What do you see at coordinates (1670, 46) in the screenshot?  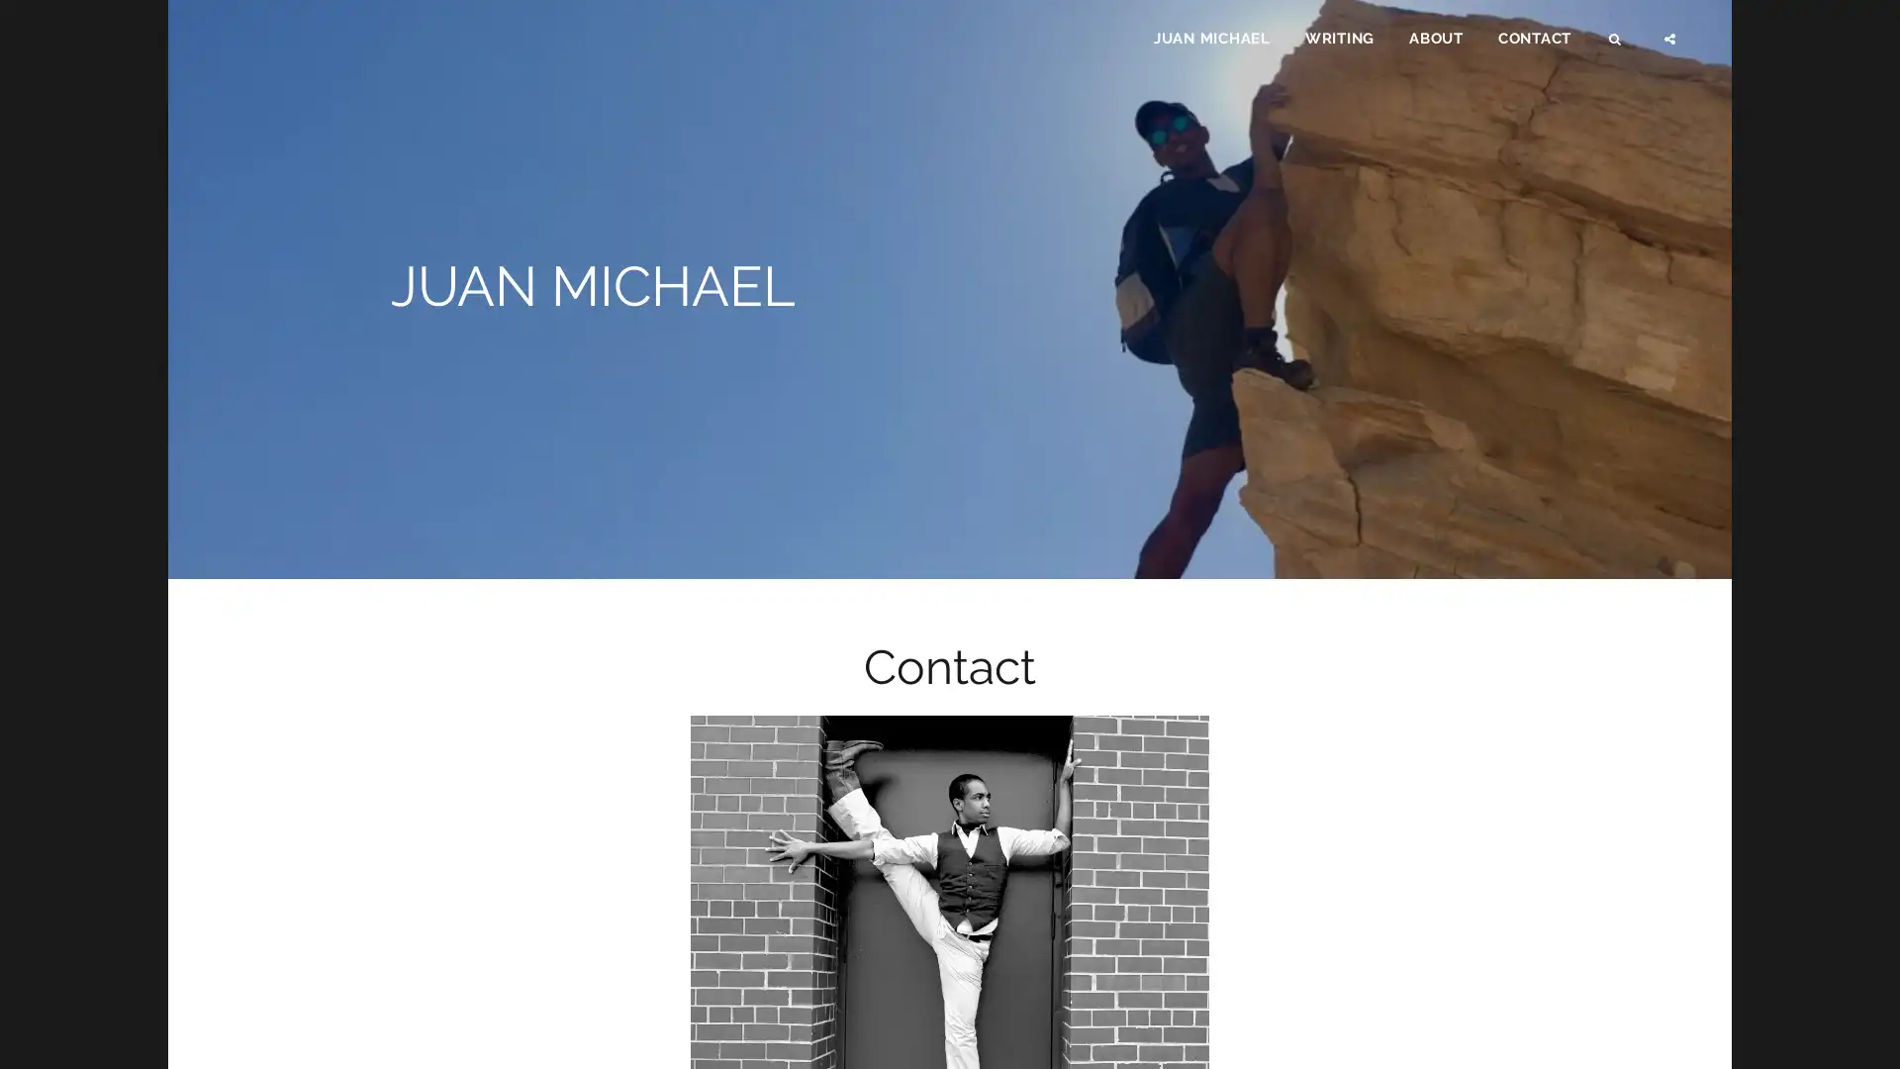 I see `SOCIAL MENU` at bounding box center [1670, 46].